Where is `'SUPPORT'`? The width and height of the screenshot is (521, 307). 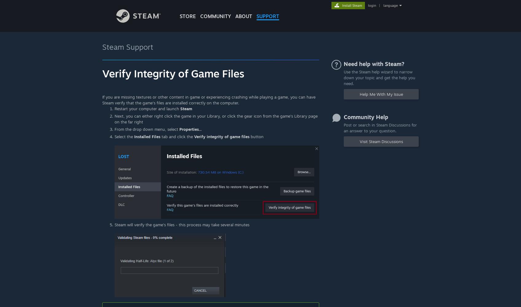 'SUPPORT' is located at coordinates (256, 16).